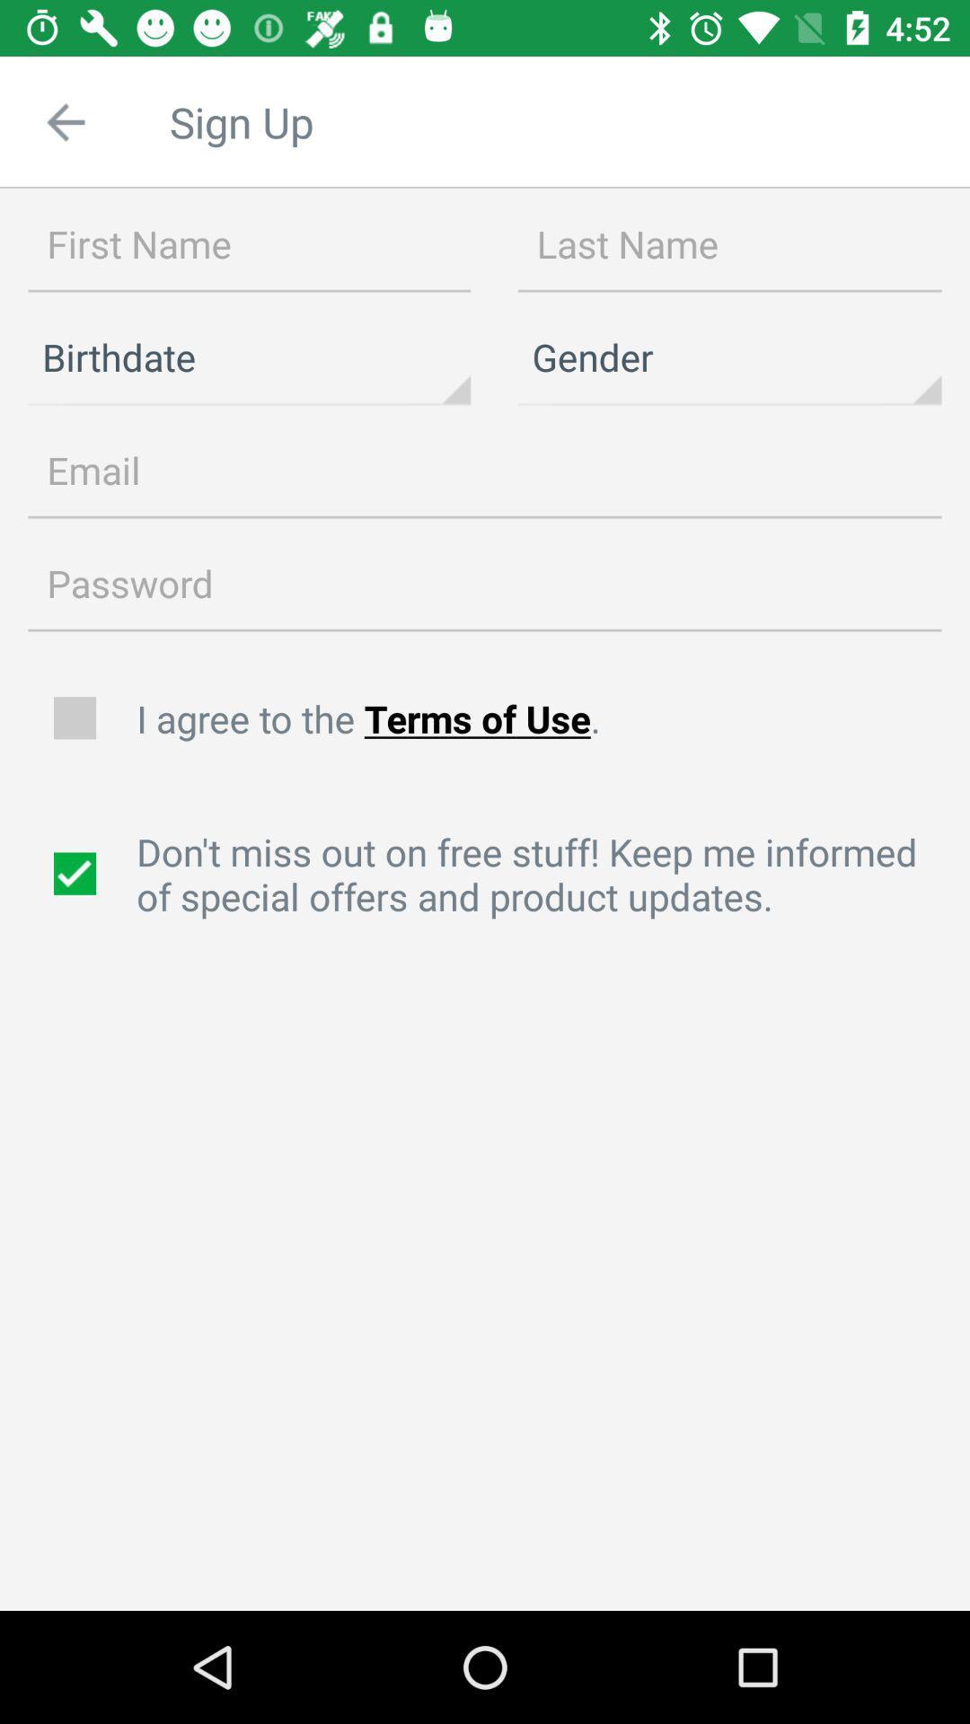  I want to click on email input field, so click(485, 471).